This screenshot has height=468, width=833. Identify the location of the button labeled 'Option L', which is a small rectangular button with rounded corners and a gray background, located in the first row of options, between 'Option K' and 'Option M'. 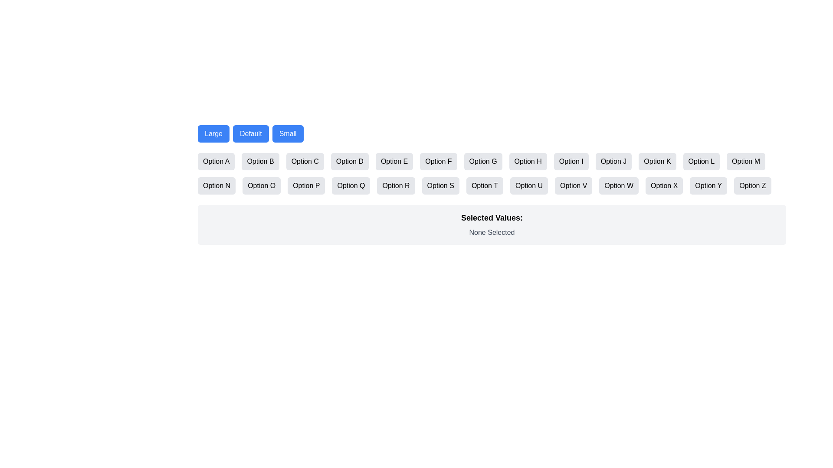
(701, 162).